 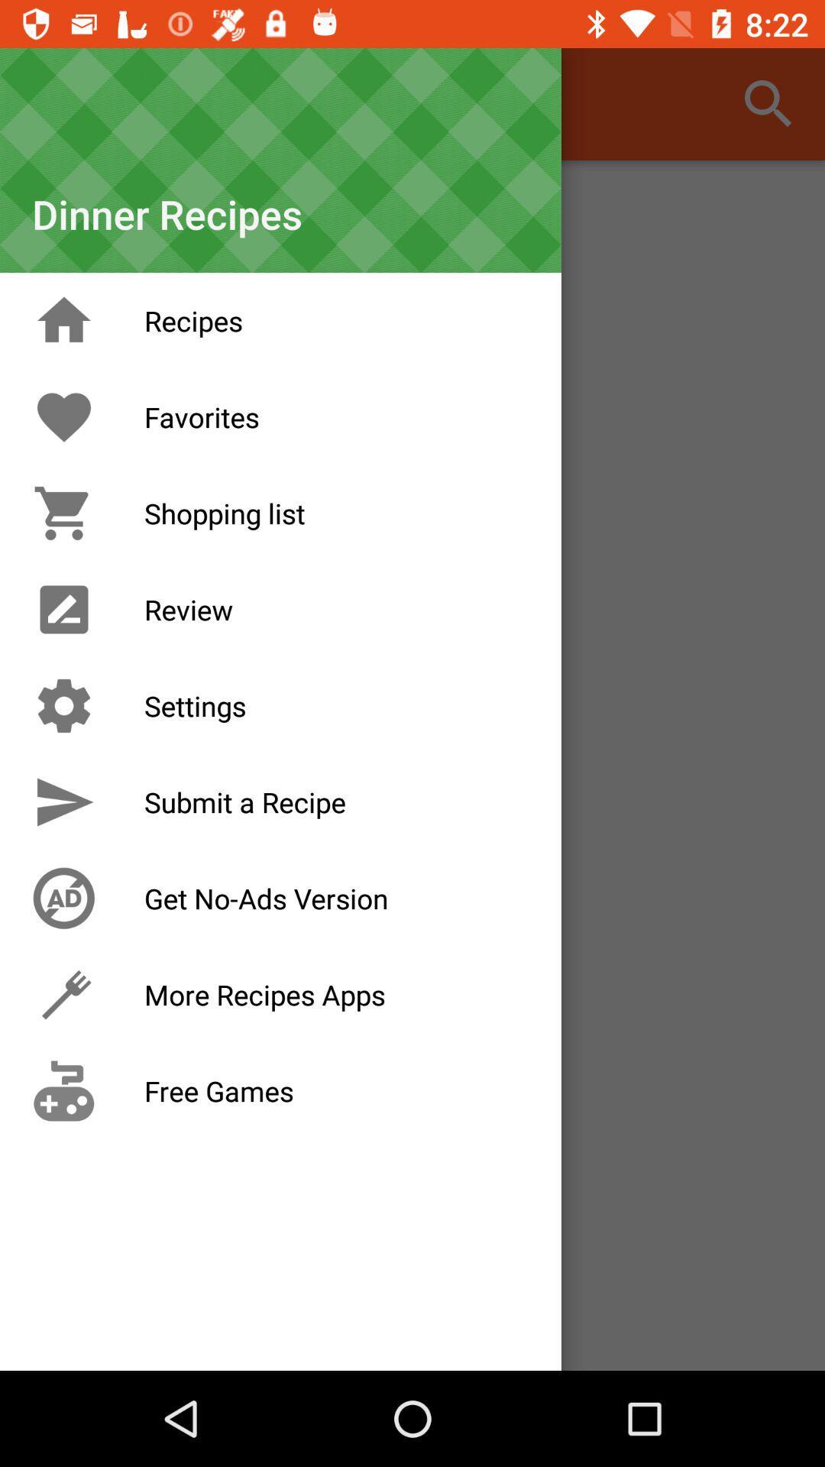 What do you see at coordinates (63, 899) in the screenshot?
I see `no ad icon which is before get noads version on the page` at bounding box center [63, 899].